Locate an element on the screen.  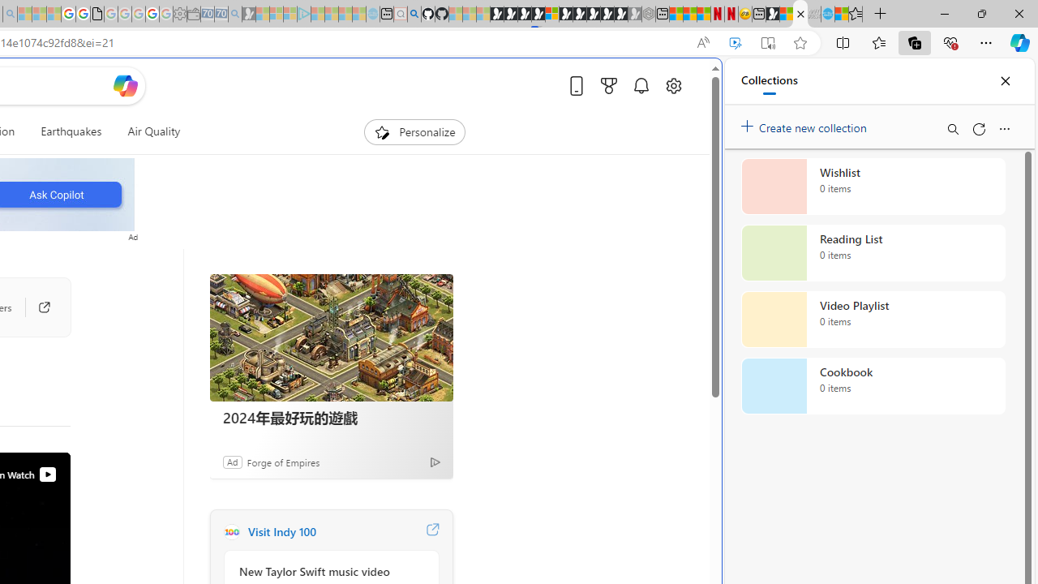
'Cheap Car Rentals - Save70.com - Sleeping' is located at coordinates (221, 14).